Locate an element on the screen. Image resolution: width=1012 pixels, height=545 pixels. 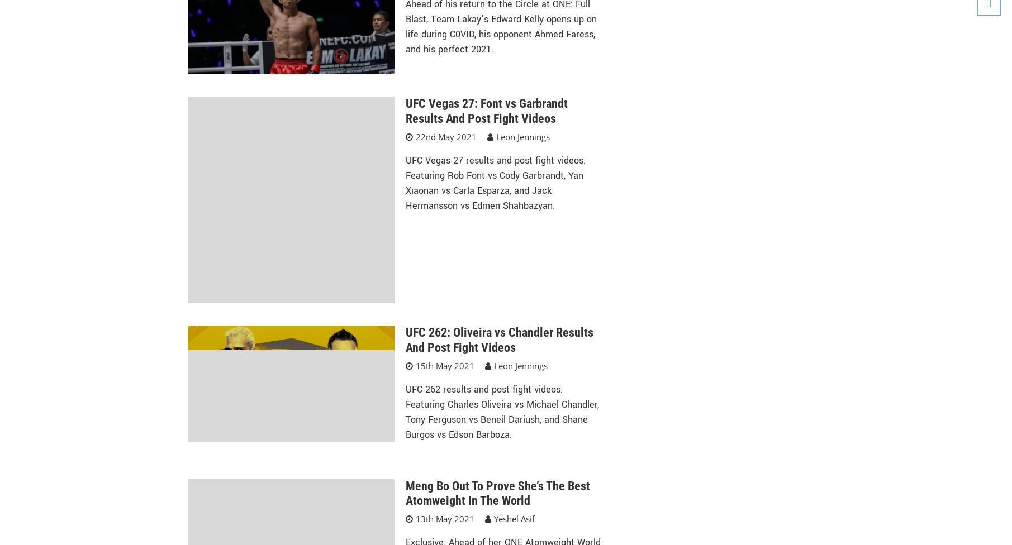
'13th May 2021' is located at coordinates (444, 518).